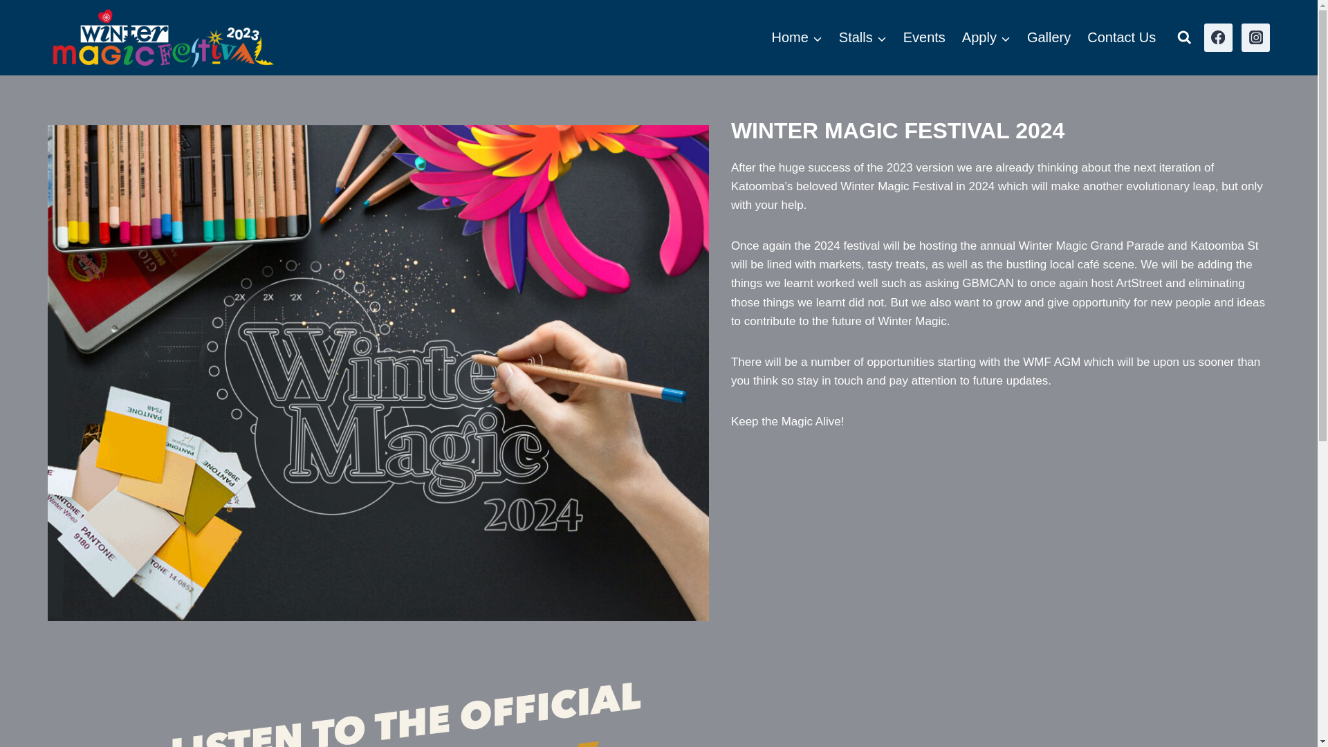  Describe the element at coordinates (1049, 37) in the screenshot. I see `'Gallery'` at that location.